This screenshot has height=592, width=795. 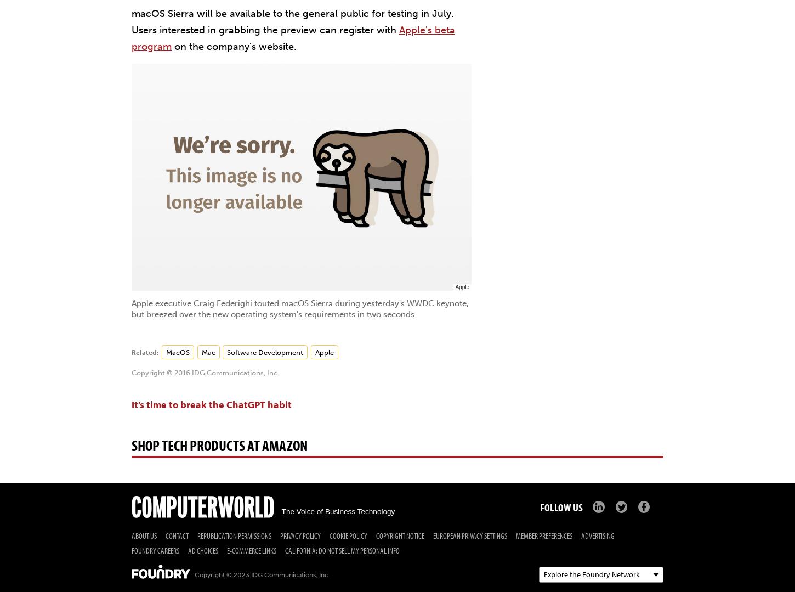 What do you see at coordinates (293, 22) in the screenshot?
I see `'macOS Sierra will be available to the general public for testing in July. Users interested in grabbing the preview can register with'` at bounding box center [293, 22].